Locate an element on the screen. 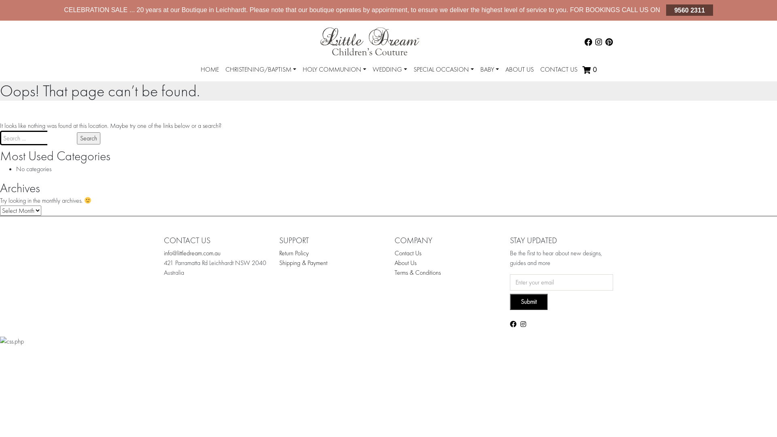  'ABOUT US' is located at coordinates (519, 69).